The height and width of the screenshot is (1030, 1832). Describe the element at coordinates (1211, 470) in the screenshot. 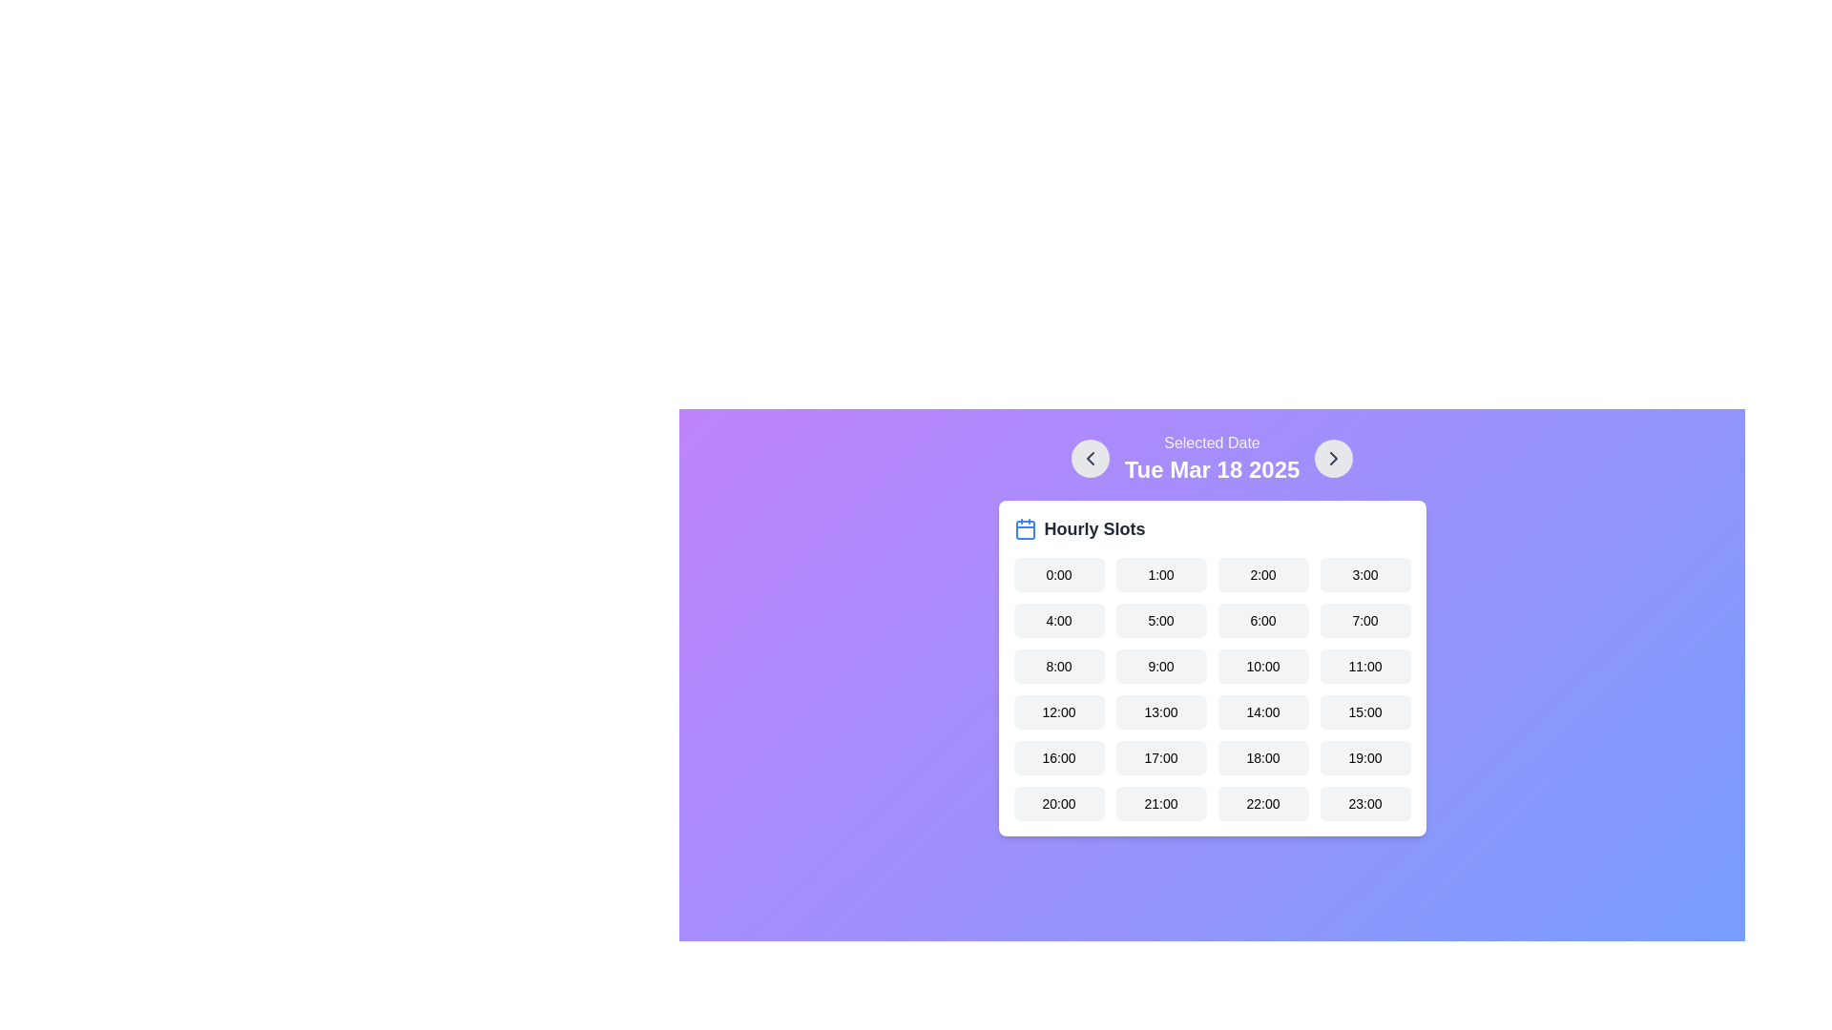

I see `the bold date display reading 'Tue Mar 18 2025' which is prominently positioned at the center-top of the panel displaying hourly slots` at that location.